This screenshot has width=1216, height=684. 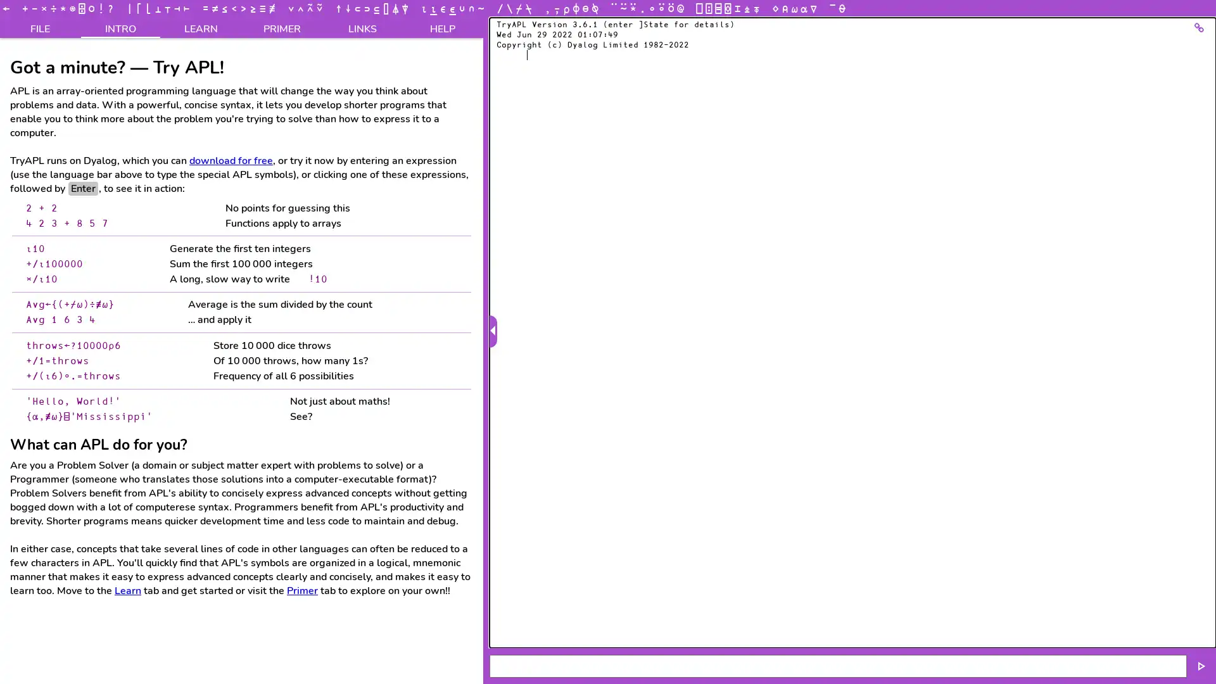 I want to click on PRIMER, so click(x=281, y=28).